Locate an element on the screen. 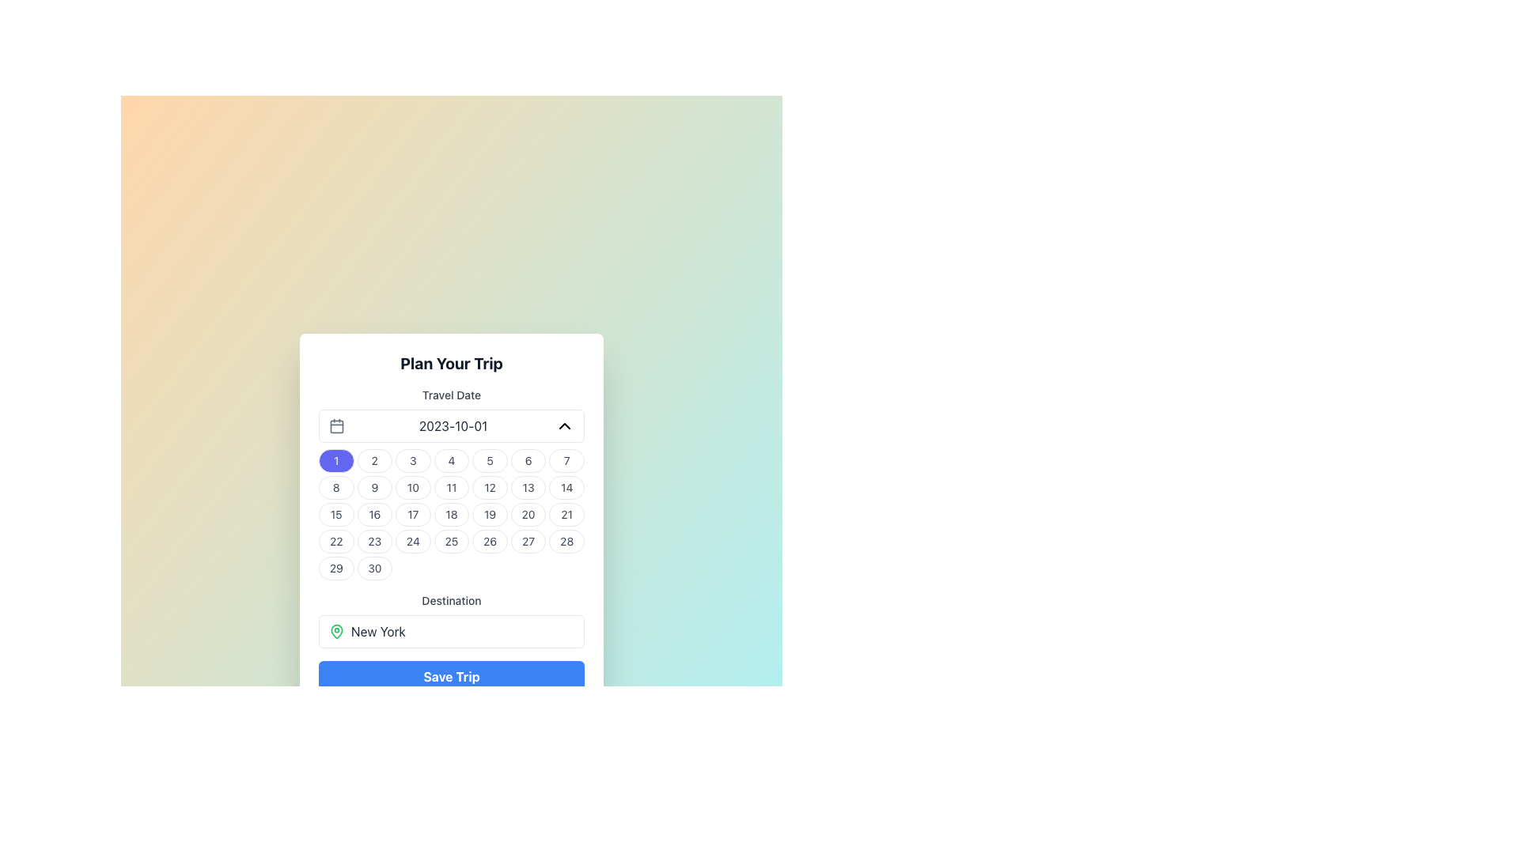 The image size is (1519, 854). the circular button labeled '27' in the bottom row, sixth column of the calendar grid is located at coordinates (528, 541).